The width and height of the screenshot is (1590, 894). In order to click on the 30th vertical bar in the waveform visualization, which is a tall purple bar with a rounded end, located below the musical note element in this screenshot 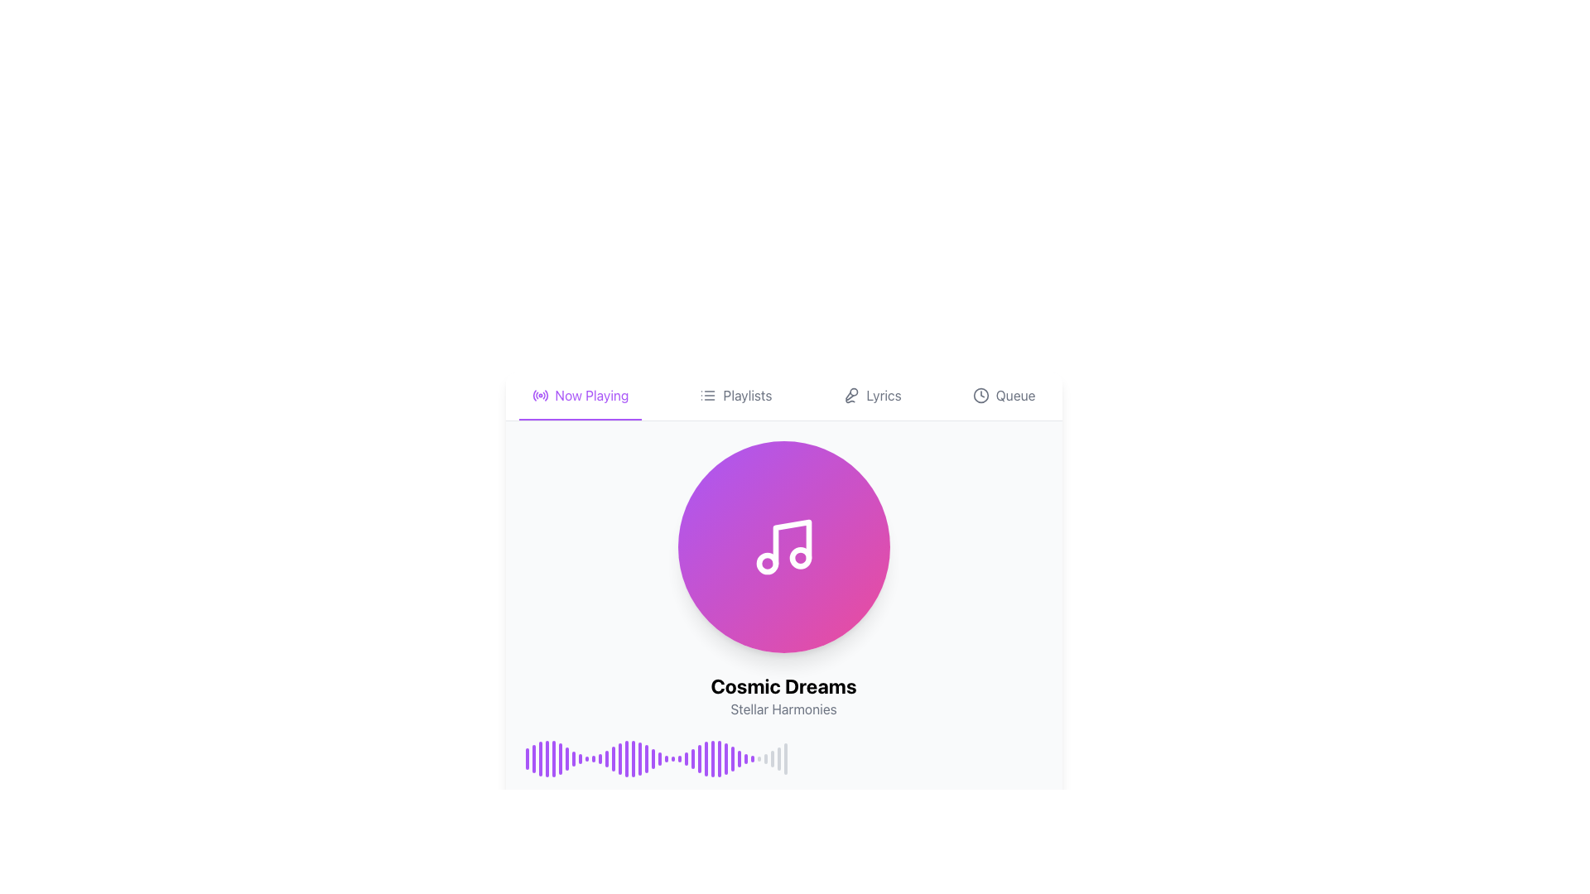, I will do `click(725, 759)`.